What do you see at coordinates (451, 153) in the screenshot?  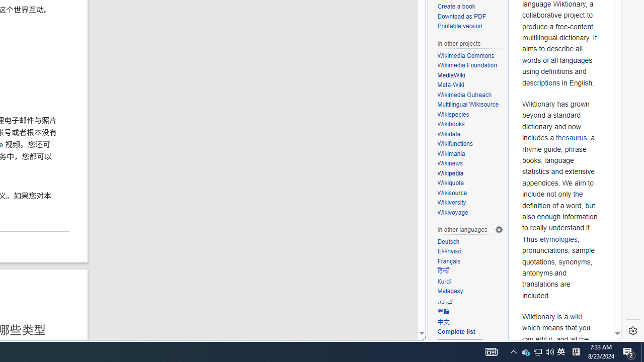 I see `'Wikimania'` at bounding box center [451, 153].